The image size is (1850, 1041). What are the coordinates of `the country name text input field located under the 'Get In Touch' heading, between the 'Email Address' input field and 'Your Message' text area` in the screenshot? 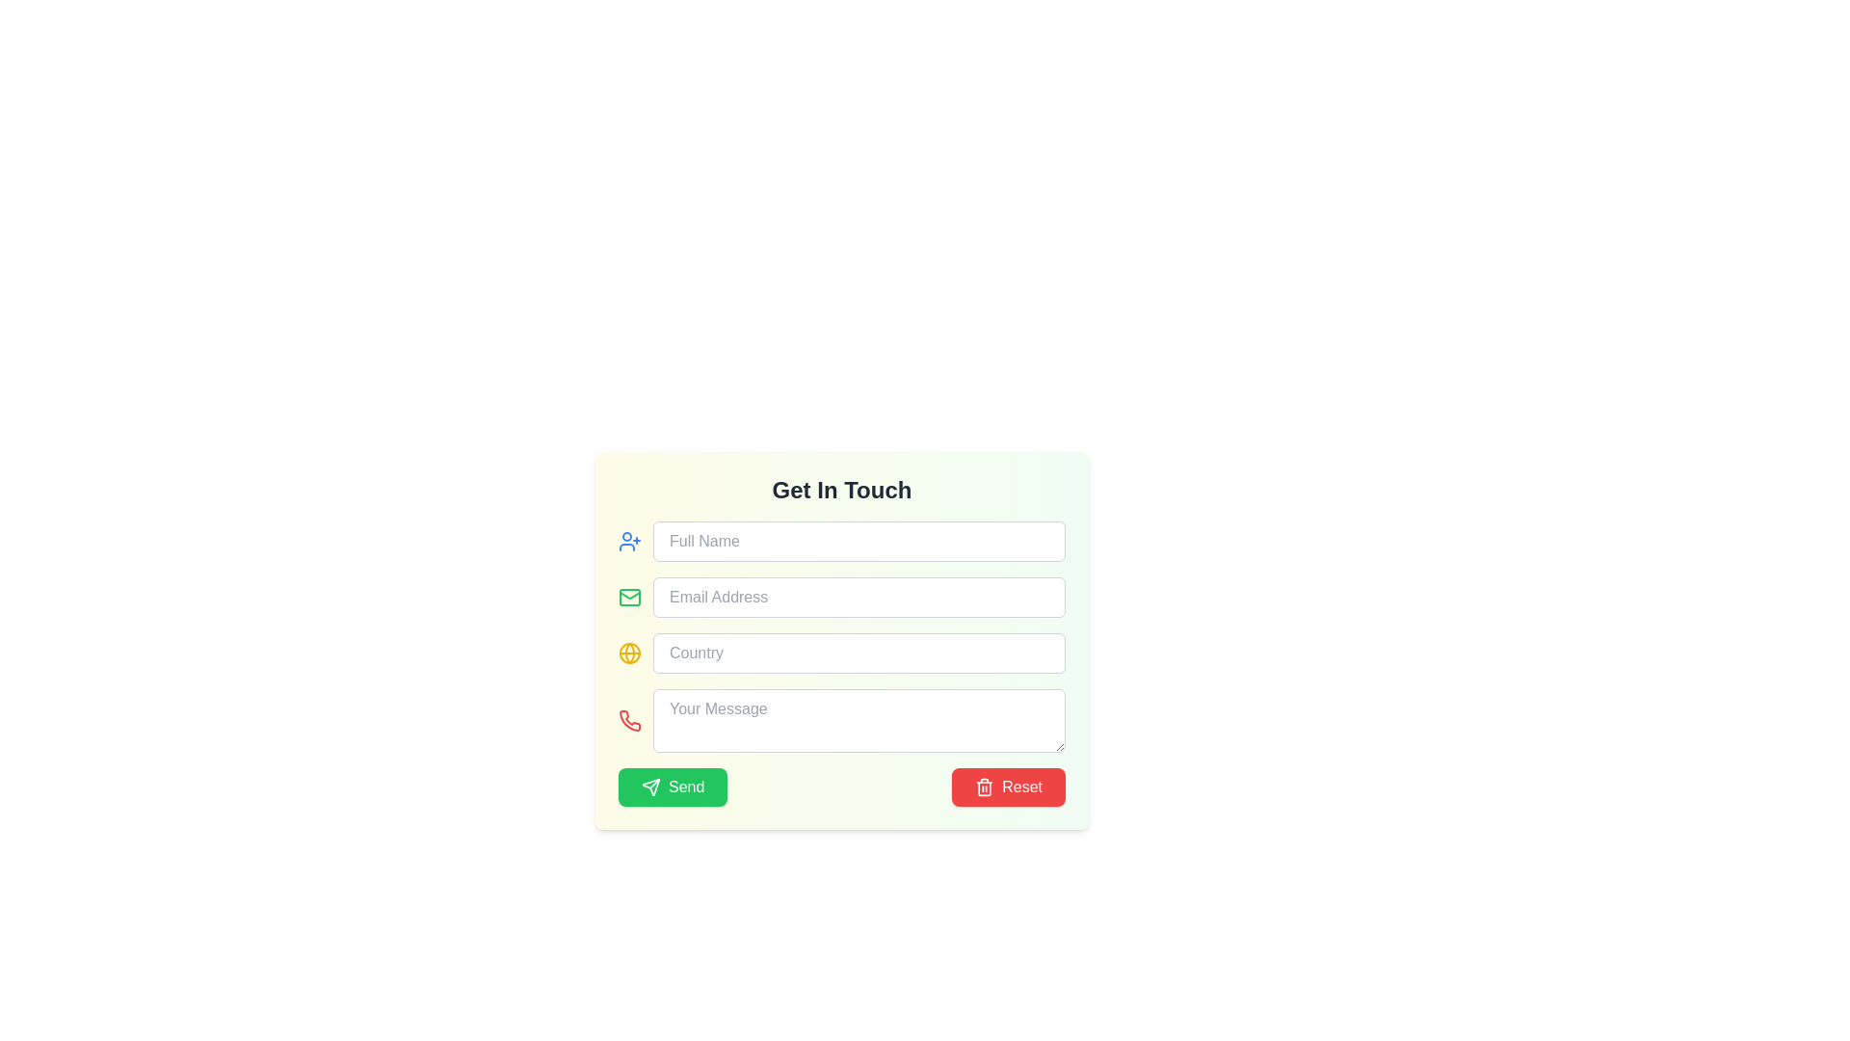 It's located at (859, 653).